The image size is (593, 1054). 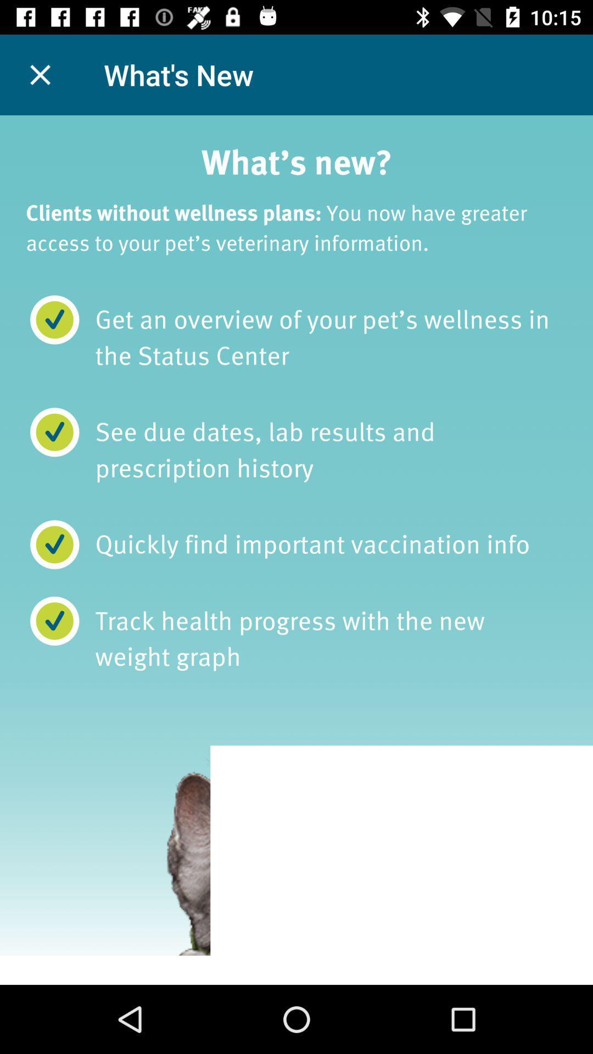 What do you see at coordinates (296, 550) in the screenshot?
I see `instruction` at bounding box center [296, 550].